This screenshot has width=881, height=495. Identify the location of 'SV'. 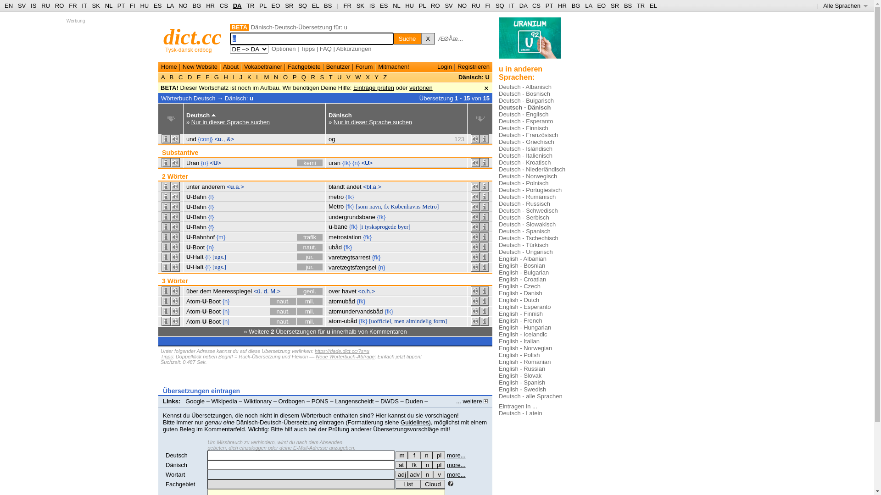
(17, 5).